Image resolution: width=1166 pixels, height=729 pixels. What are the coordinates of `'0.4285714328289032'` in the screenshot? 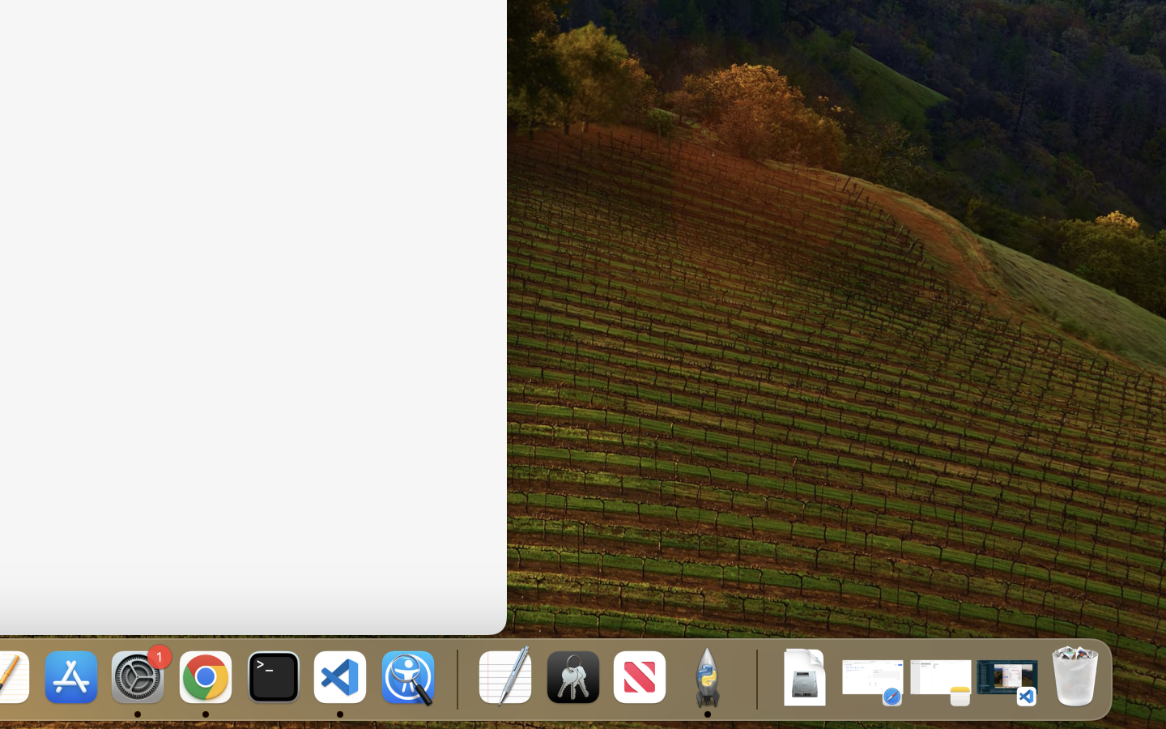 It's located at (455, 678).